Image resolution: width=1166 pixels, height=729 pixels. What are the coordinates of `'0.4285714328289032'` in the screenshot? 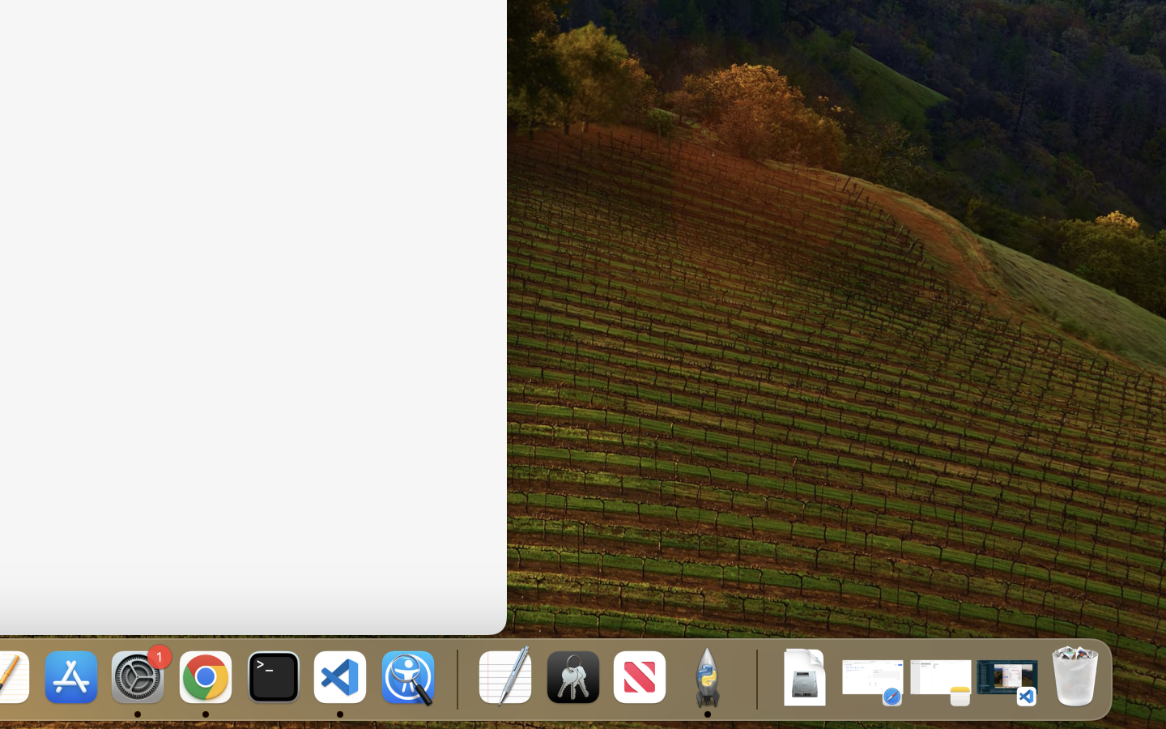 It's located at (455, 678).